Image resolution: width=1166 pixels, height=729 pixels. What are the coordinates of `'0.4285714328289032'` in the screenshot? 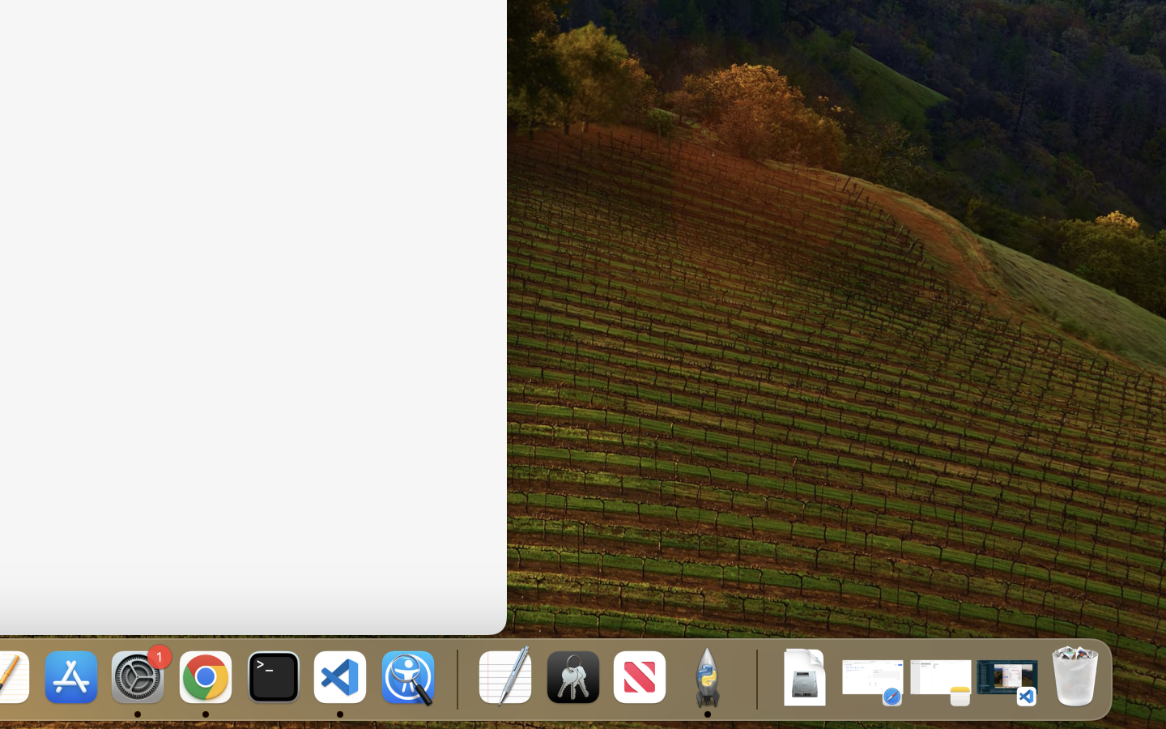 It's located at (455, 678).